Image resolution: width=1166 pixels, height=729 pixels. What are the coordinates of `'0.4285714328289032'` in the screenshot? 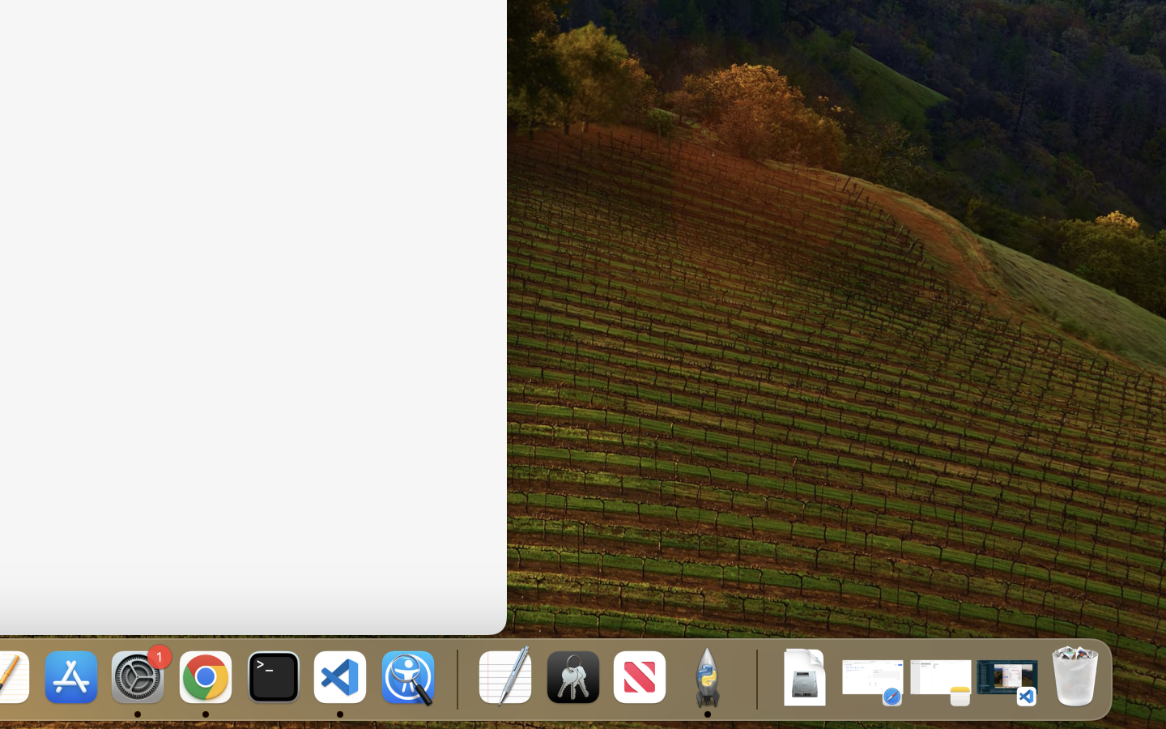 It's located at (455, 678).